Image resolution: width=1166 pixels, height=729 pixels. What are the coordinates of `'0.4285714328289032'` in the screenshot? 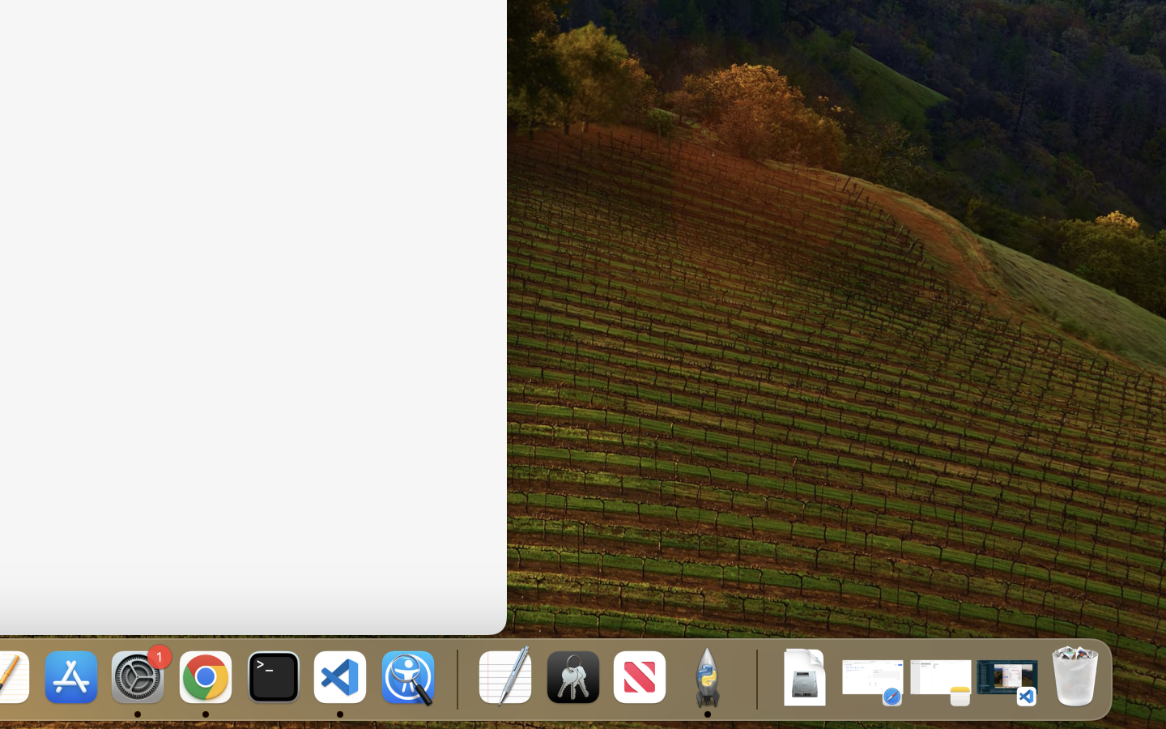 It's located at (455, 678).